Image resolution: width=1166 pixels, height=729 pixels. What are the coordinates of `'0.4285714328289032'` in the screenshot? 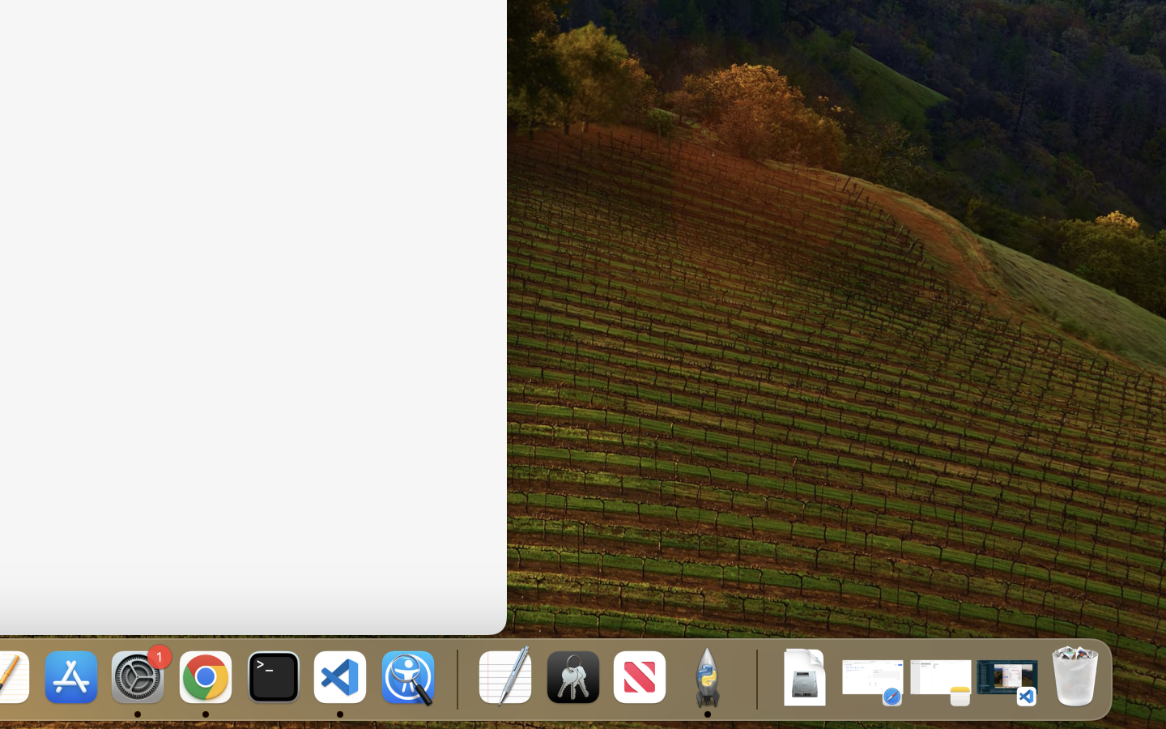 It's located at (455, 678).